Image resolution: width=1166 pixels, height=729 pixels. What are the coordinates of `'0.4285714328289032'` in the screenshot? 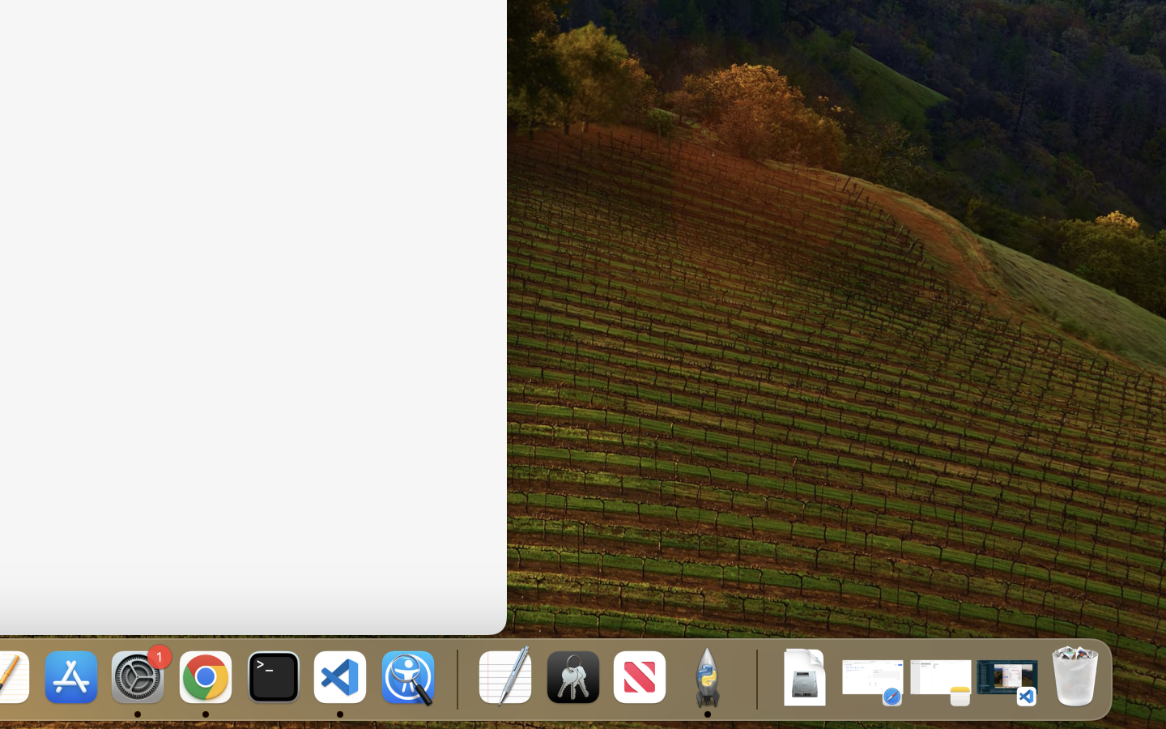 It's located at (455, 678).